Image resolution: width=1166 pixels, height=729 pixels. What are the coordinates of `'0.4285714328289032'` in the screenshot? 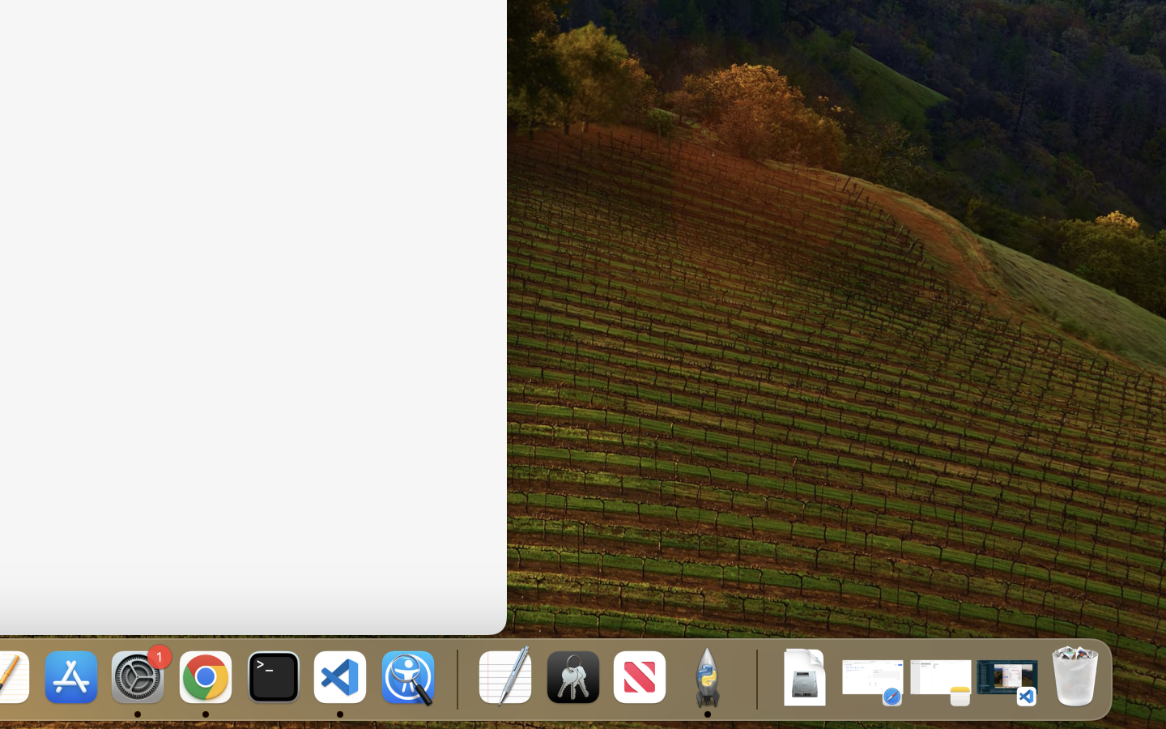 It's located at (455, 678).